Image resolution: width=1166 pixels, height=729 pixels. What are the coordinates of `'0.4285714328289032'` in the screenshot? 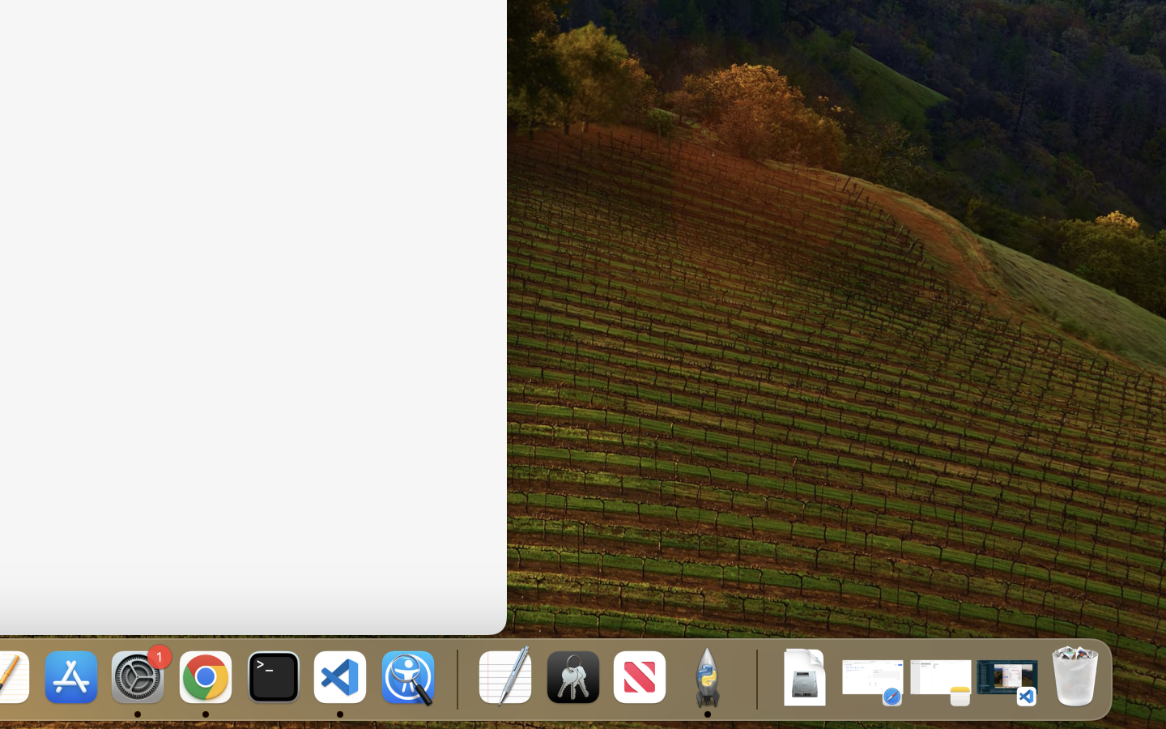 It's located at (455, 678).